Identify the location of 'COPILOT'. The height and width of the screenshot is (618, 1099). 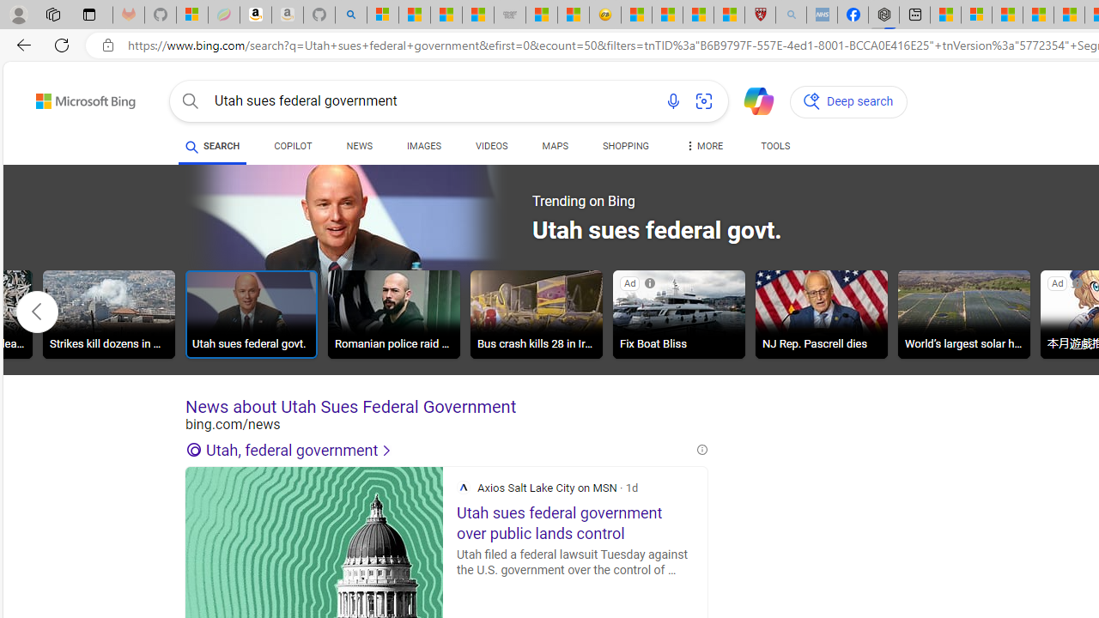
(293, 146).